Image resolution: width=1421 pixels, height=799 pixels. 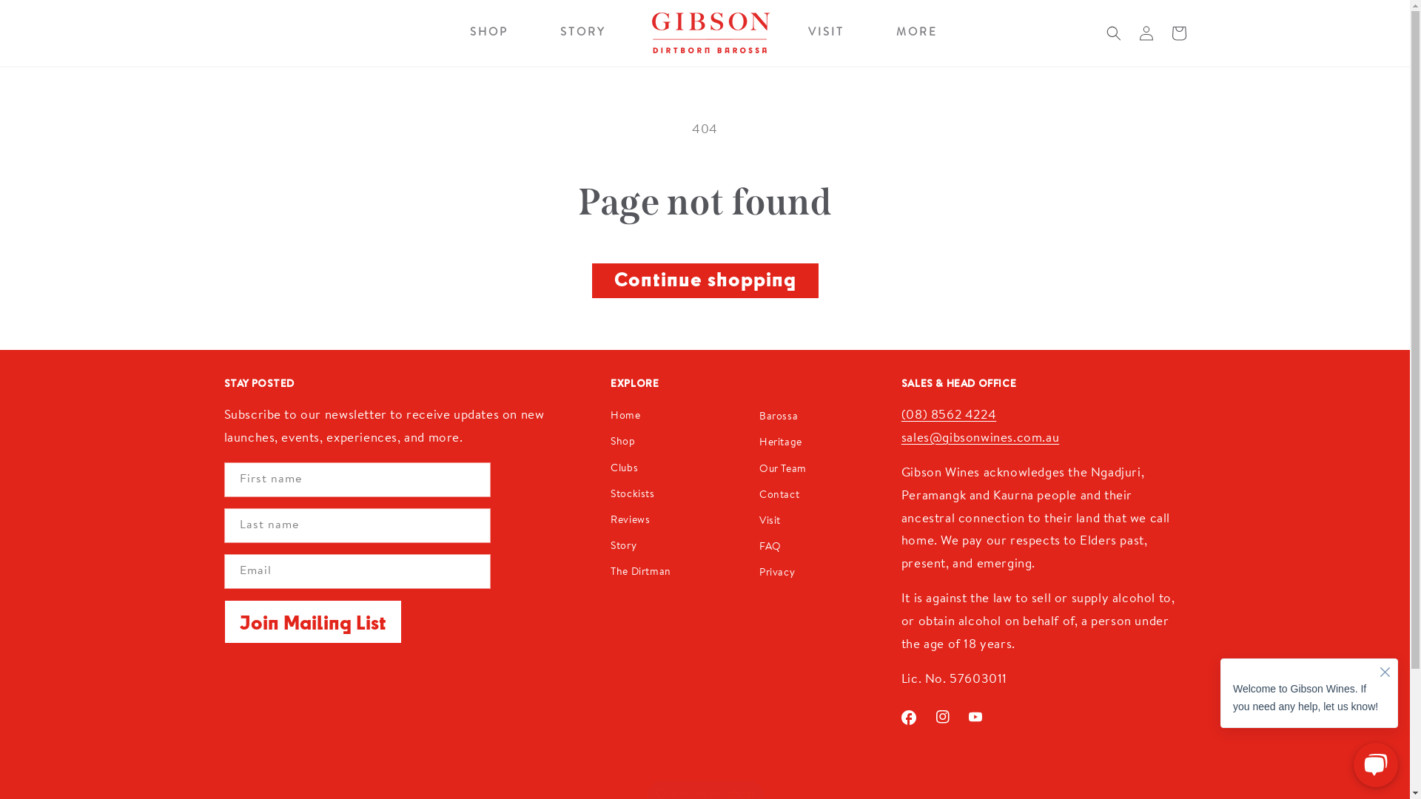 I want to click on 'YouTube', so click(x=975, y=715).